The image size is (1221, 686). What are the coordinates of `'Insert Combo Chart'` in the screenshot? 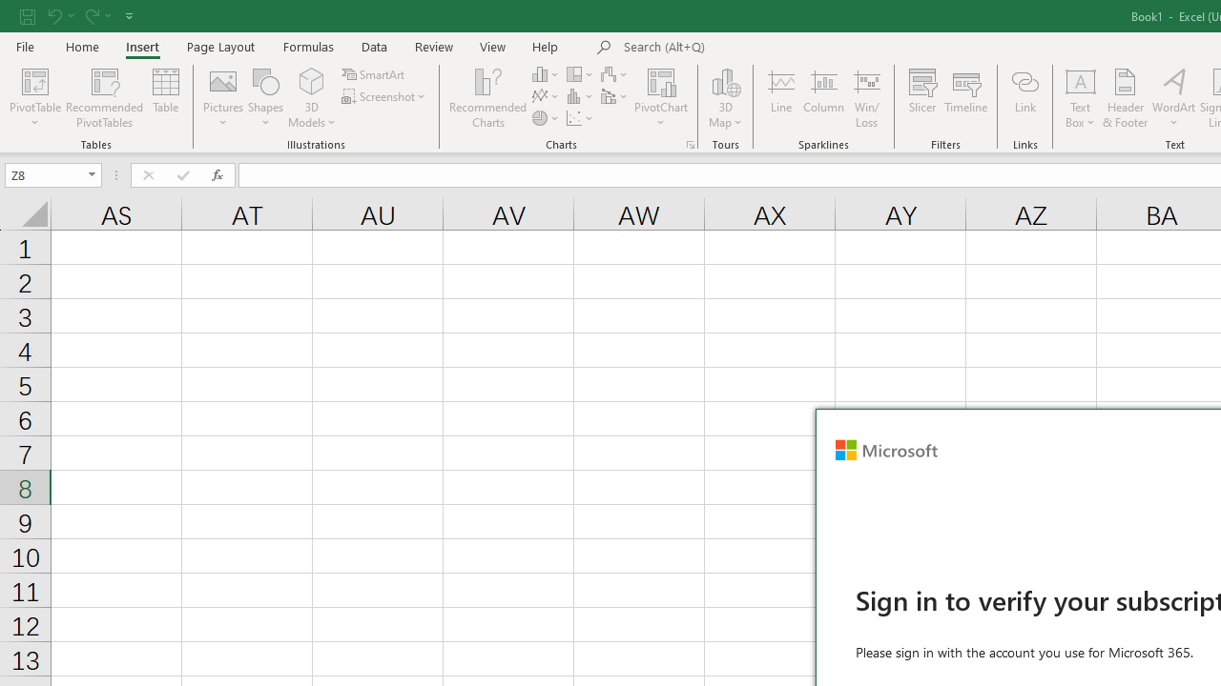 It's located at (615, 96).